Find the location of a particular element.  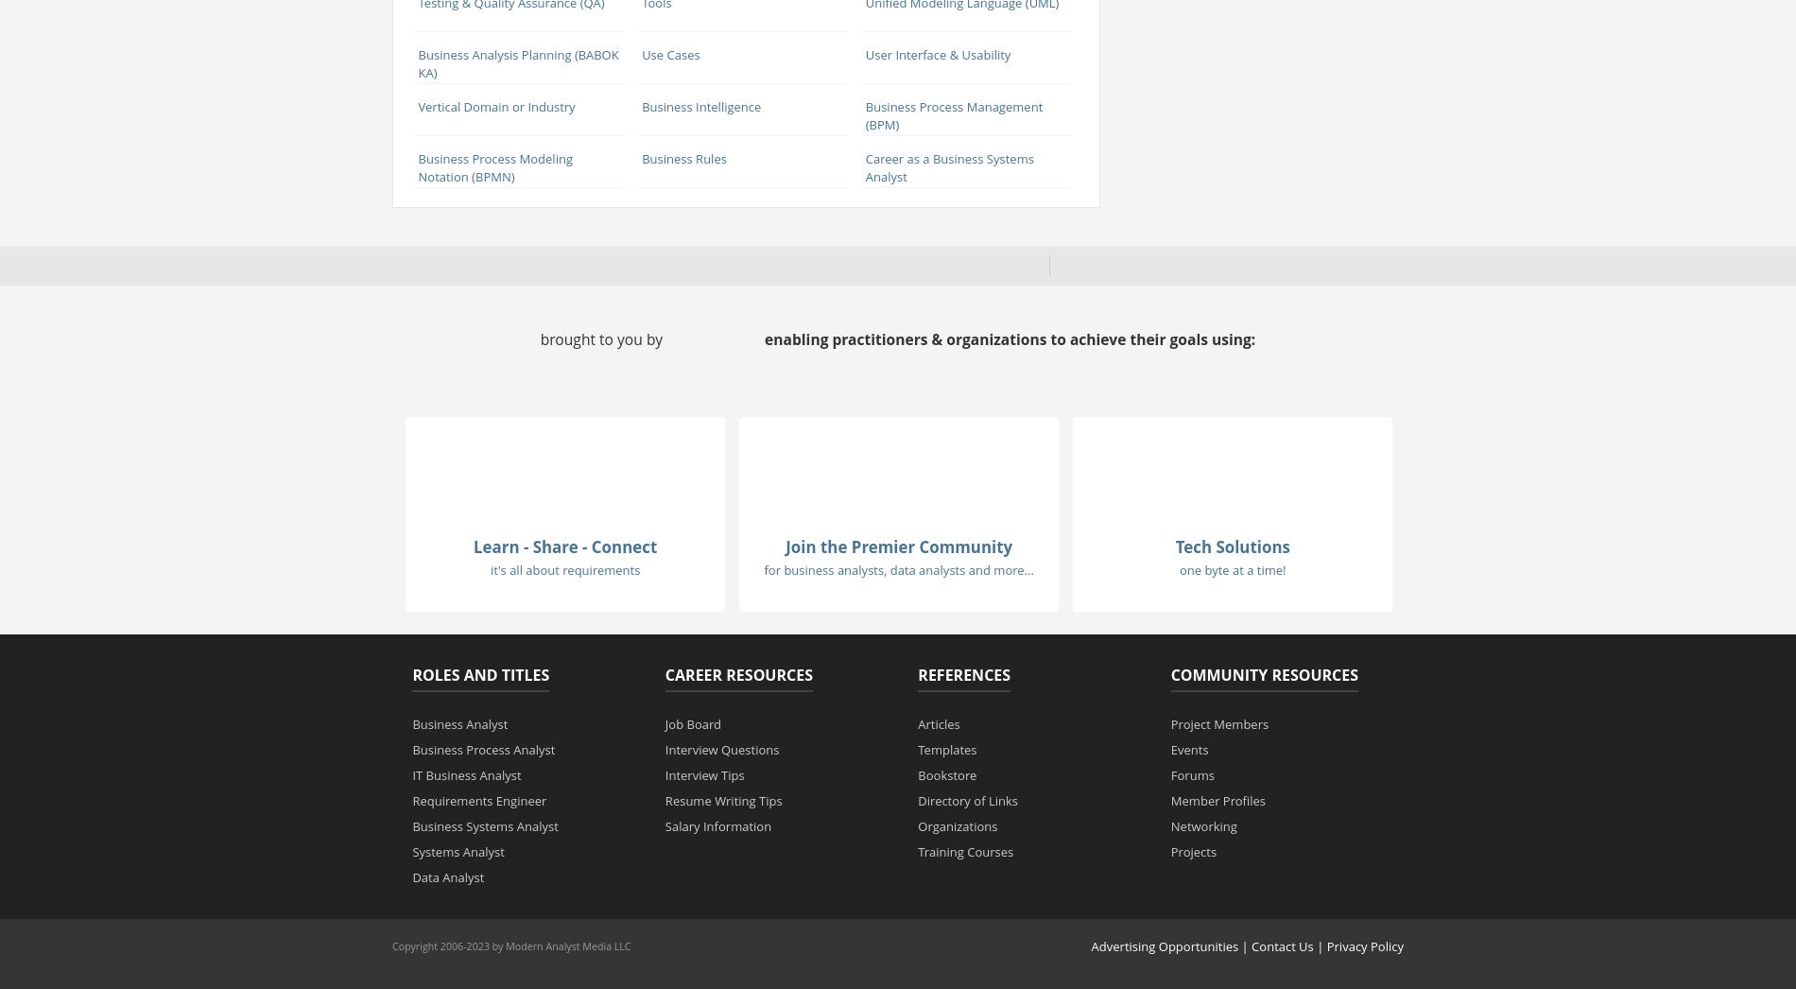

'Systems Analyst' is located at coordinates (458, 850).